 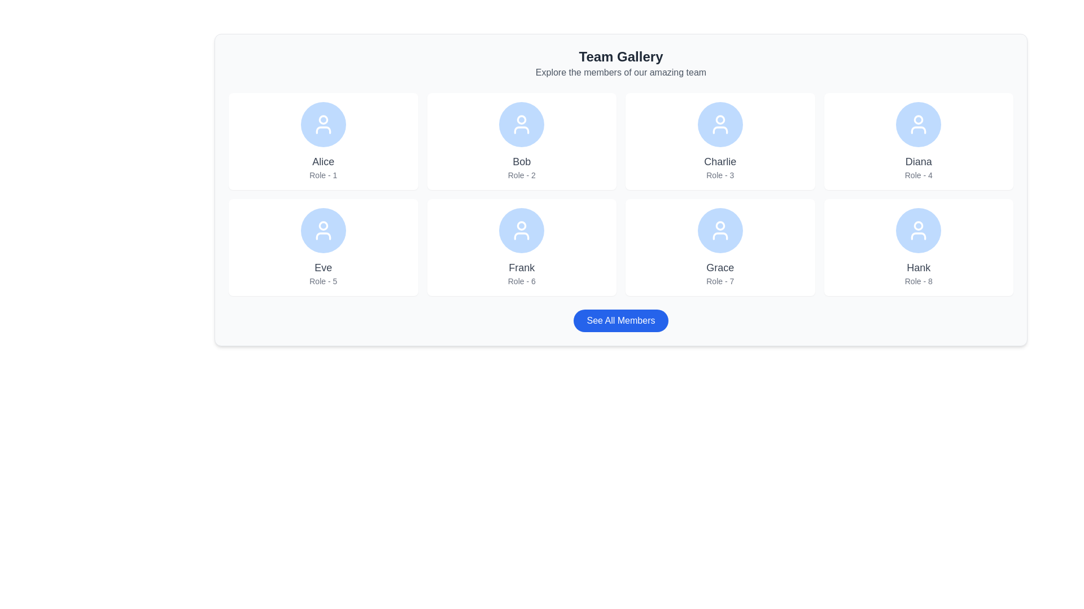 I want to click on the button located at the bottom center of the layout, which reveals additional information about all members, so click(x=620, y=321).